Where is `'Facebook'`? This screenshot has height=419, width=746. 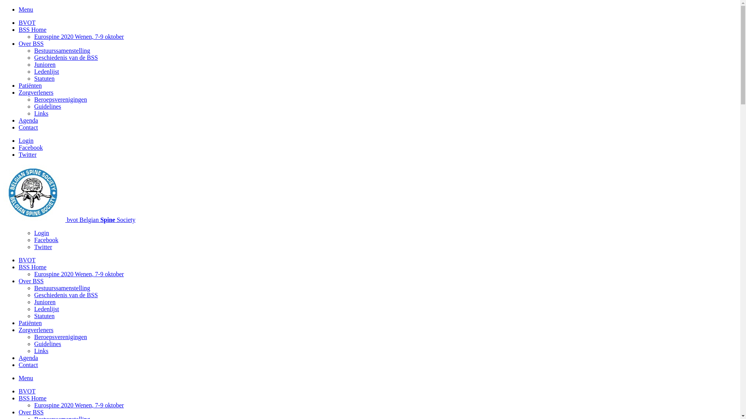
'Facebook' is located at coordinates (46, 239).